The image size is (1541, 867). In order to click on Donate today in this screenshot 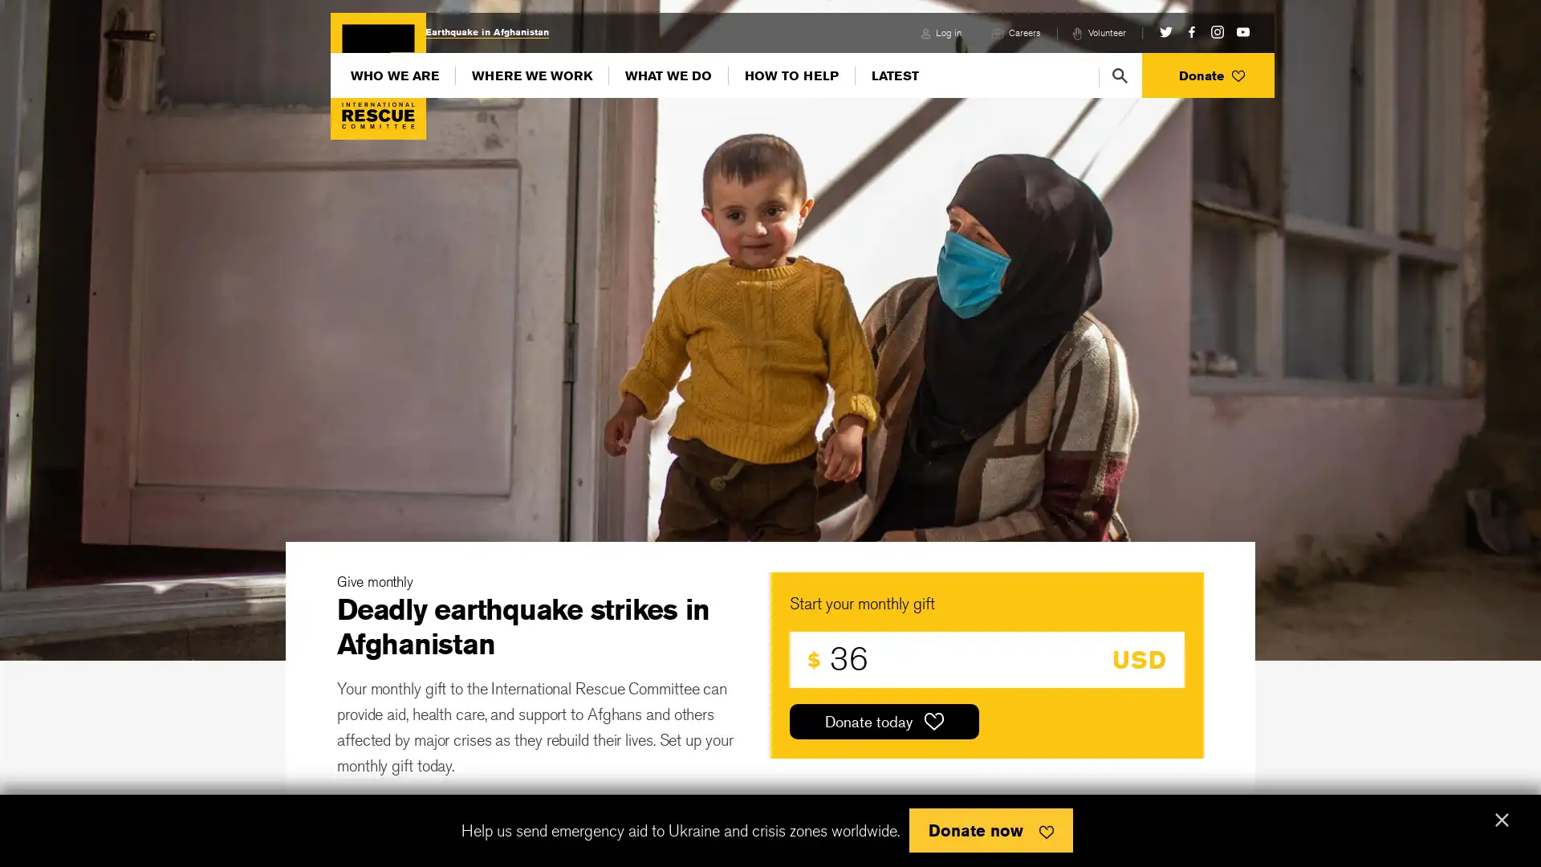, I will do `click(884, 720)`.